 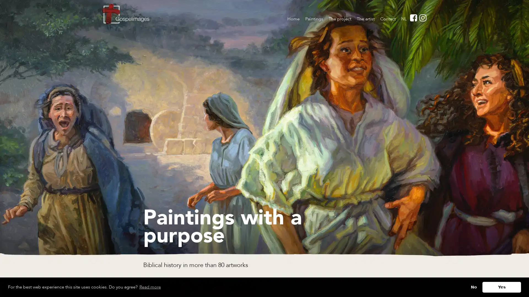 I want to click on allow cookies, so click(x=501, y=287).